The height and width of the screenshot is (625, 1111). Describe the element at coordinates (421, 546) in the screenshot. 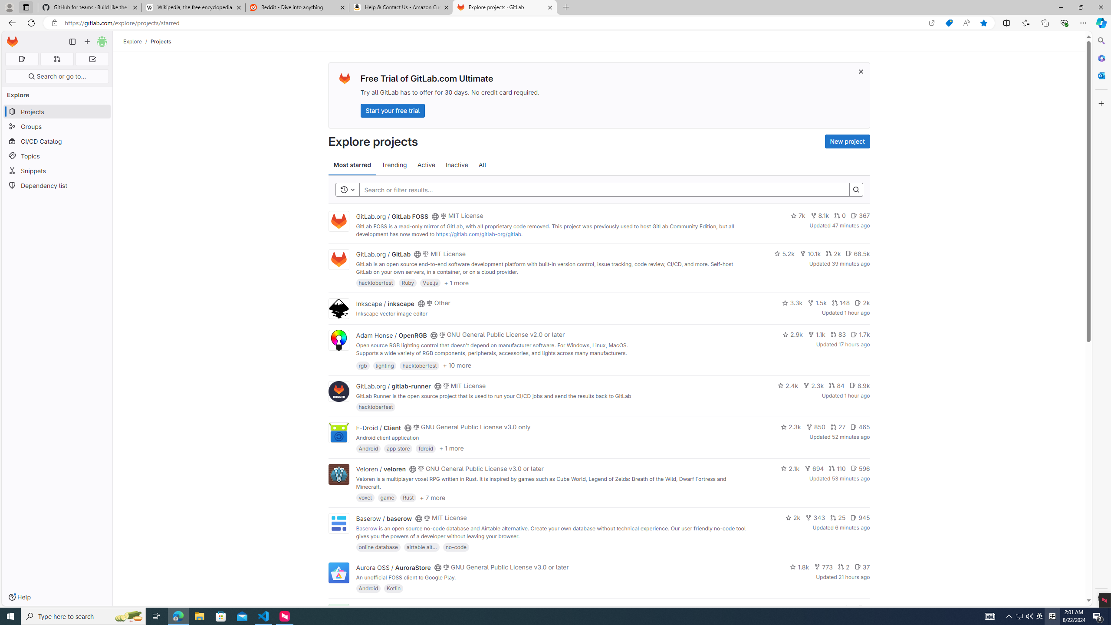

I see `'airtable alt...'` at that location.